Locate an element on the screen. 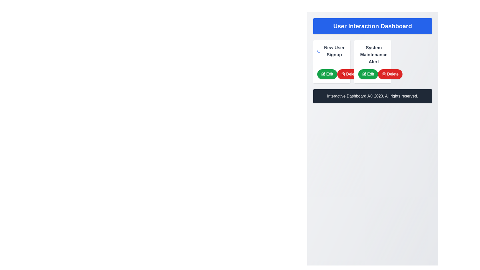 This screenshot has width=480, height=270. the 'System Maintenance Alert' text label located within the second card of the dashboard, beneath the 'User Interaction Dashboard' header is located at coordinates (374, 55).